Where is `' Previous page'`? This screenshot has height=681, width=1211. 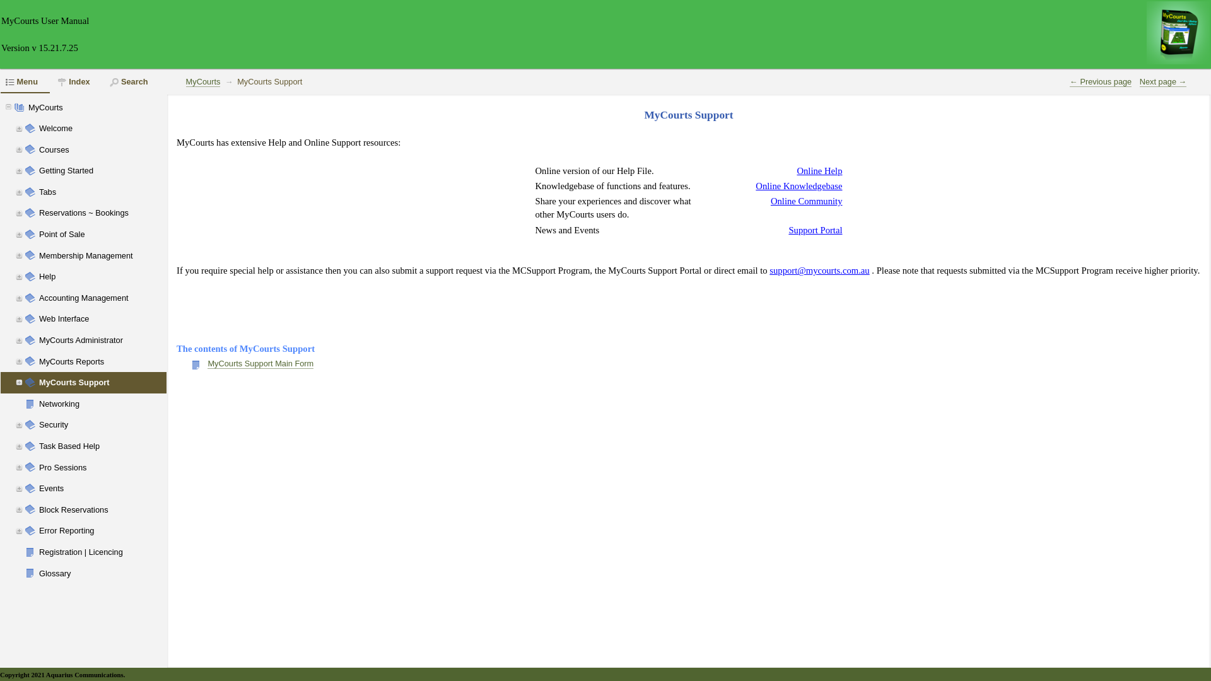 ' Previous page' is located at coordinates (1068, 82).